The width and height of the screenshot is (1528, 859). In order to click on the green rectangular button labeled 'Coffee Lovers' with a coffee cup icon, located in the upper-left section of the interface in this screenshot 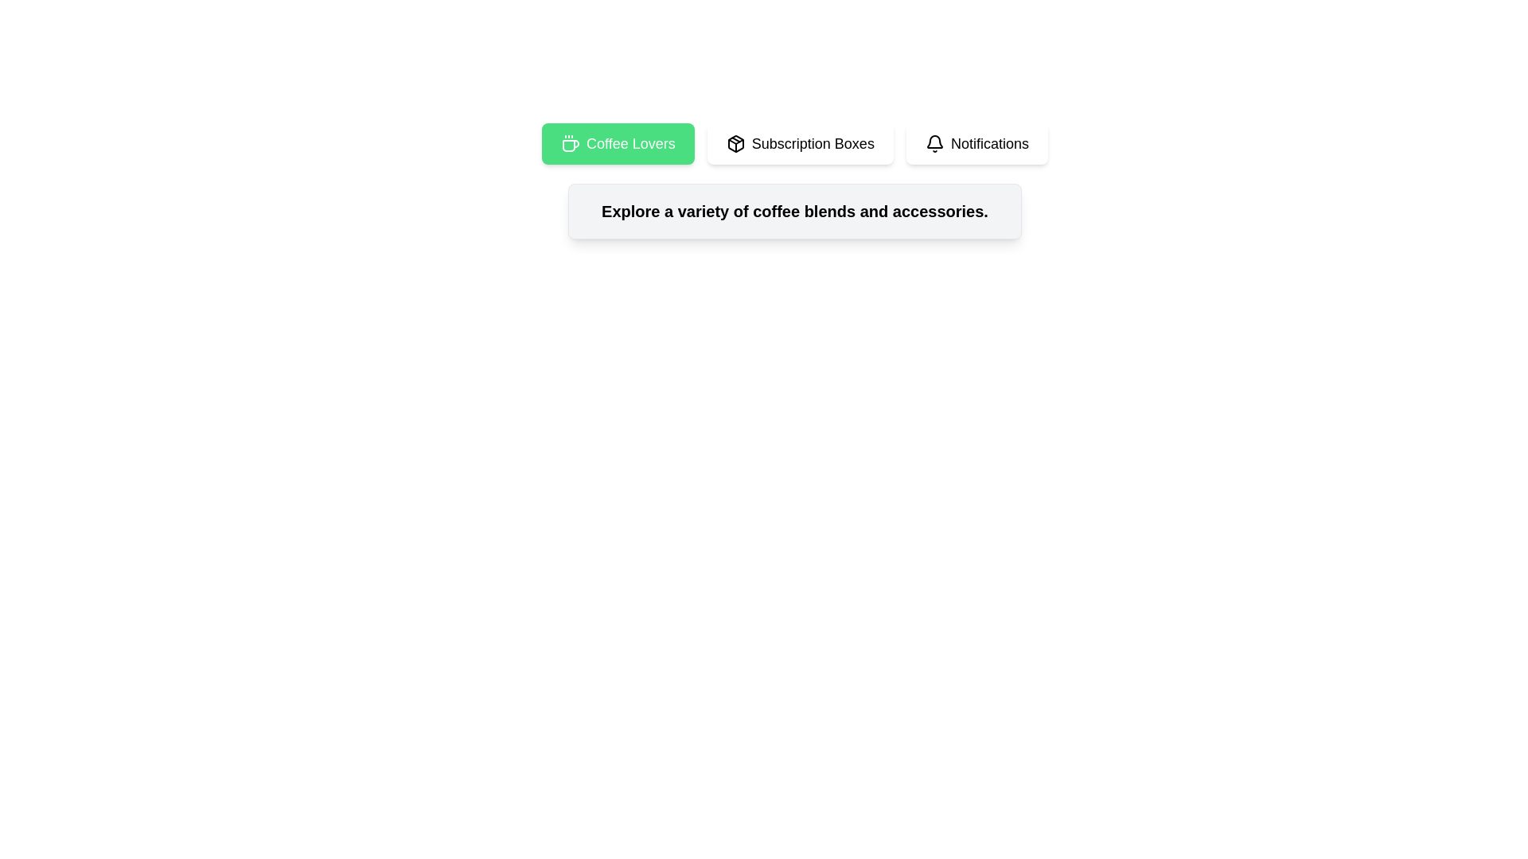, I will do `click(617, 144)`.